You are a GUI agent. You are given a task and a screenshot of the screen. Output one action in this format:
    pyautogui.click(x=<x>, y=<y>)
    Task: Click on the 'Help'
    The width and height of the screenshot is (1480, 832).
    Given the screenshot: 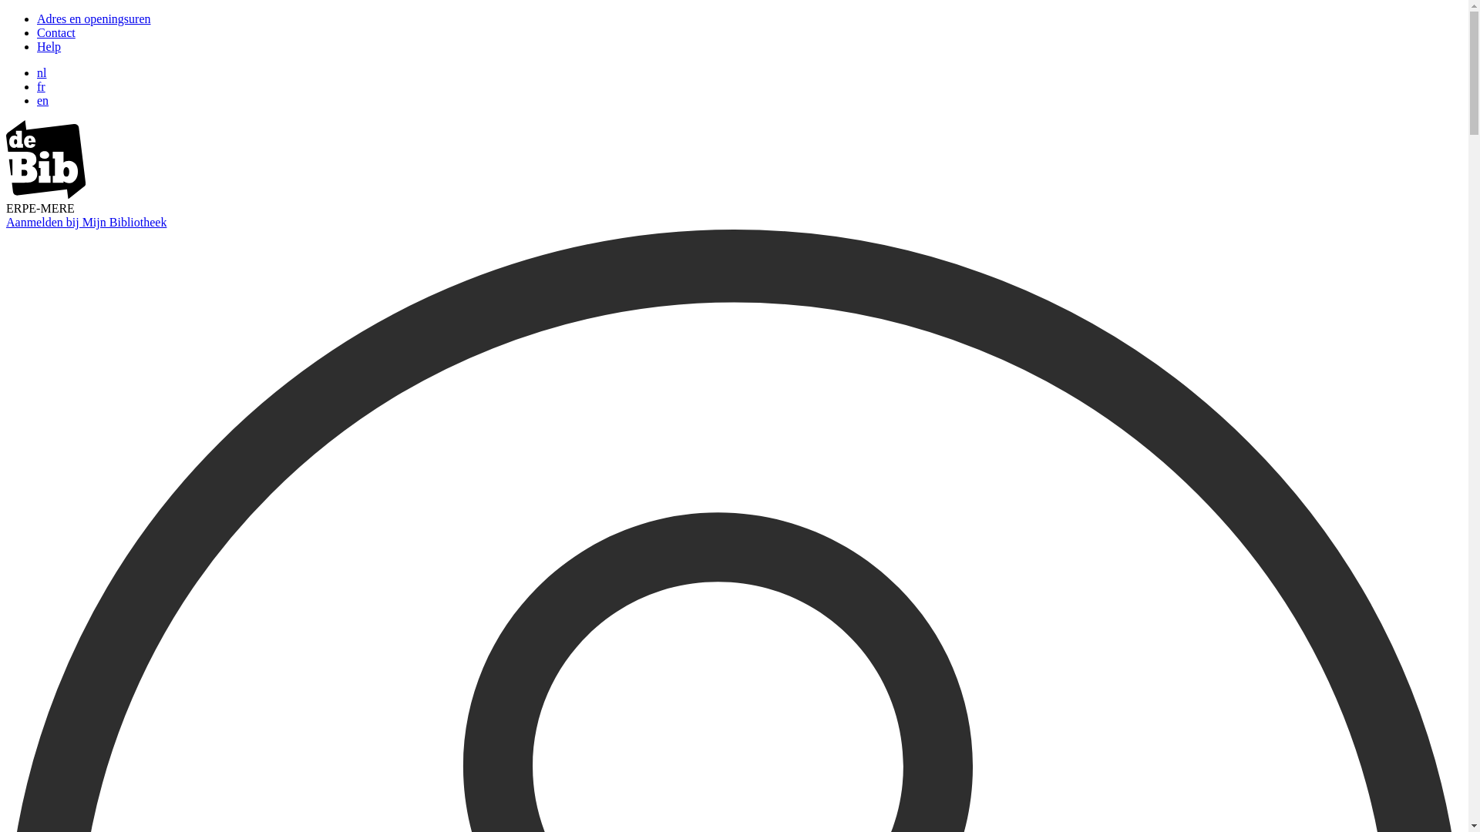 What is the action you would take?
    pyautogui.click(x=49, y=45)
    